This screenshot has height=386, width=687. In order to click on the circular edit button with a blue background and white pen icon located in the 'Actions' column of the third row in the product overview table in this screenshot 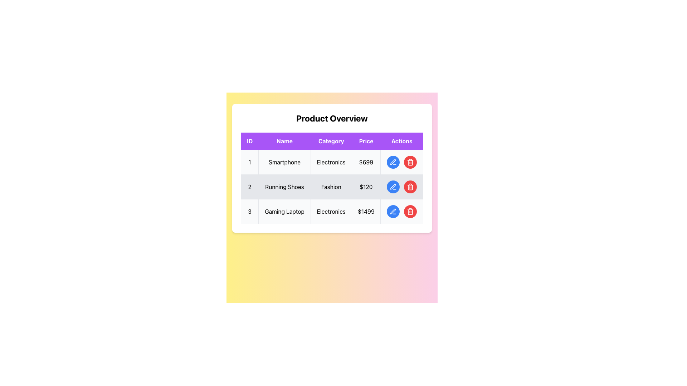, I will do `click(393, 211)`.